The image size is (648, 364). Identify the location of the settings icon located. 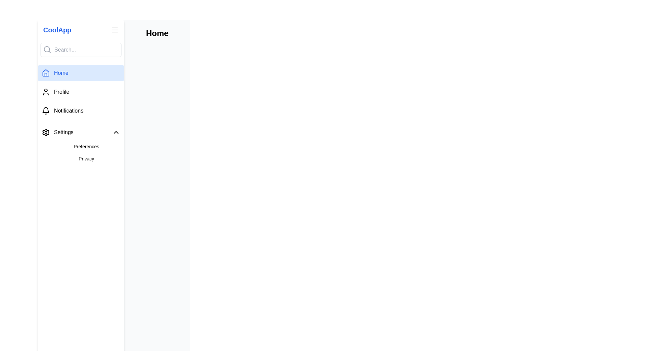
(45, 132).